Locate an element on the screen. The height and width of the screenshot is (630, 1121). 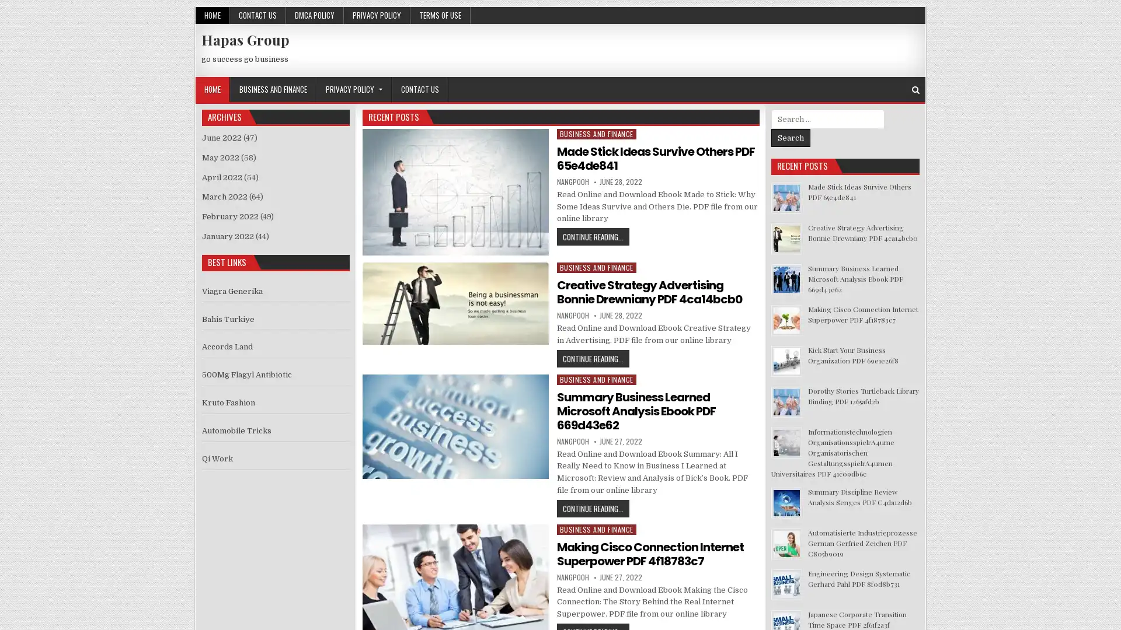
Search is located at coordinates (791, 137).